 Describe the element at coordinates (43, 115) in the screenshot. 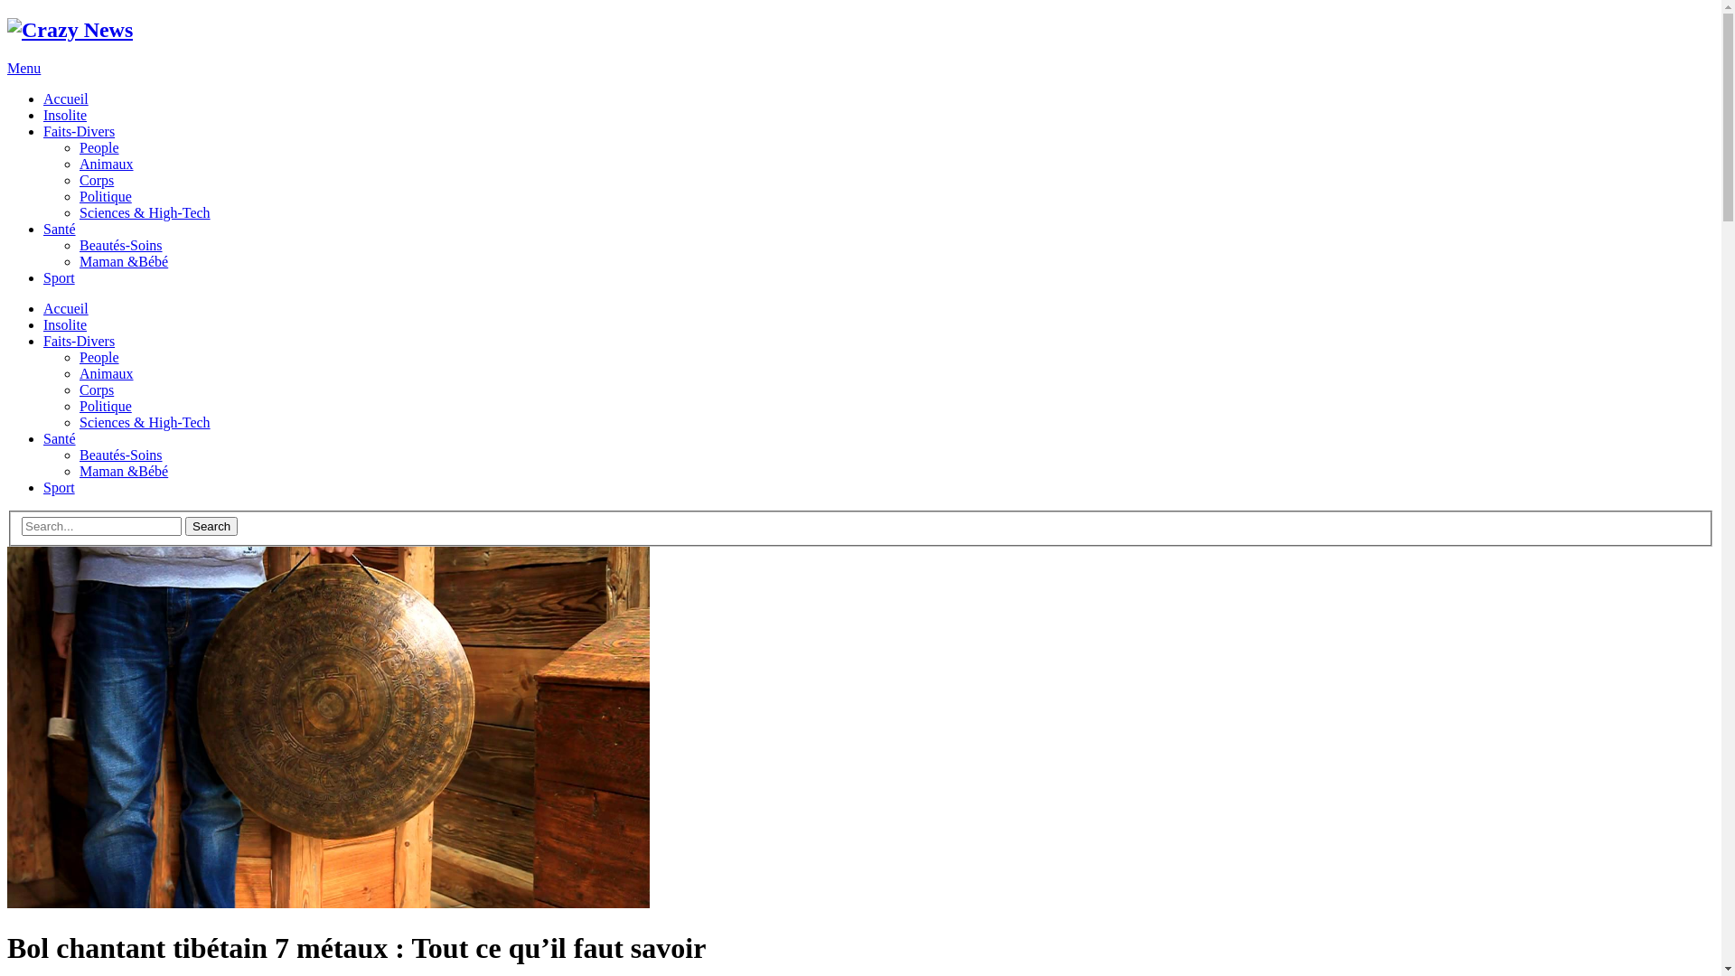

I see `'Insolite'` at that location.